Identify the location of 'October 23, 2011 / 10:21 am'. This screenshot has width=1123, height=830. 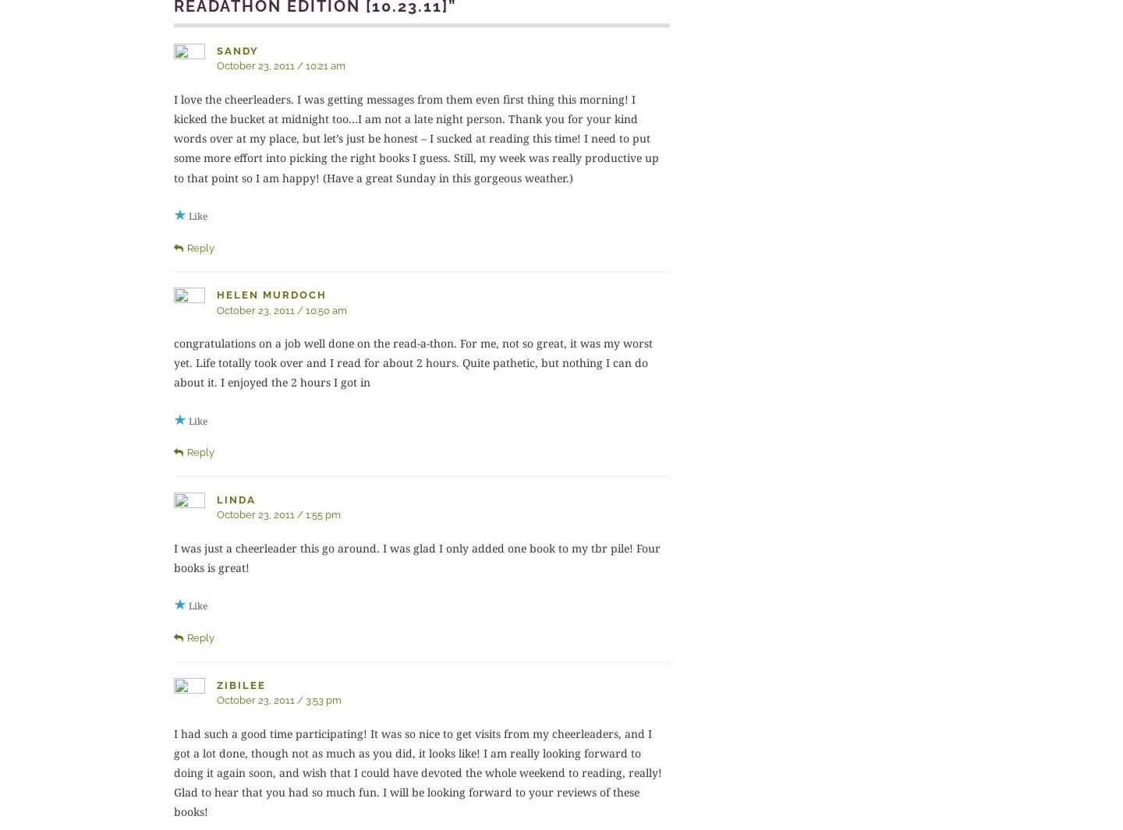
(216, 65).